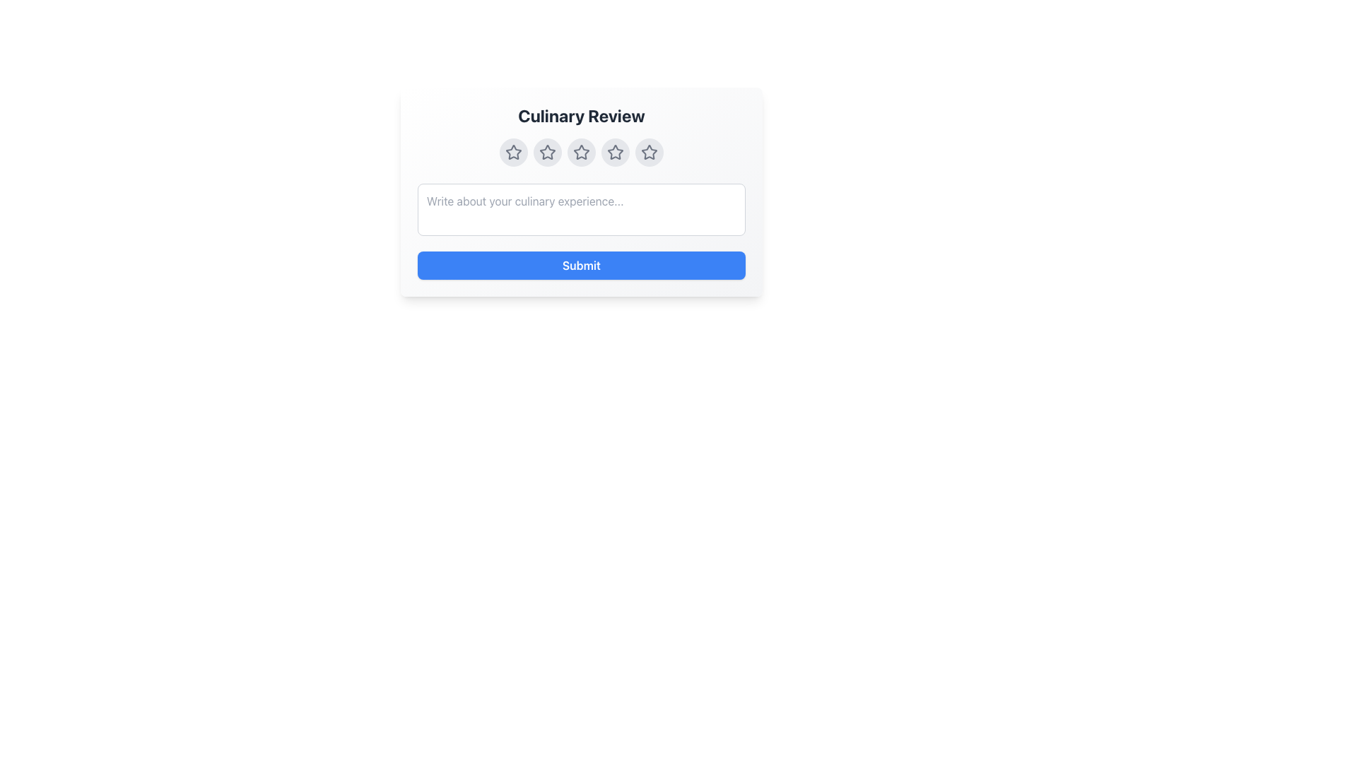 Image resolution: width=1357 pixels, height=763 pixels. What do you see at coordinates (648, 152) in the screenshot?
I see `the fifth star-shaped interactive rating icon styled in gray, located at the rightmost end of the series above the text input field for culinary review feedback` at bounding box center [648, 152].